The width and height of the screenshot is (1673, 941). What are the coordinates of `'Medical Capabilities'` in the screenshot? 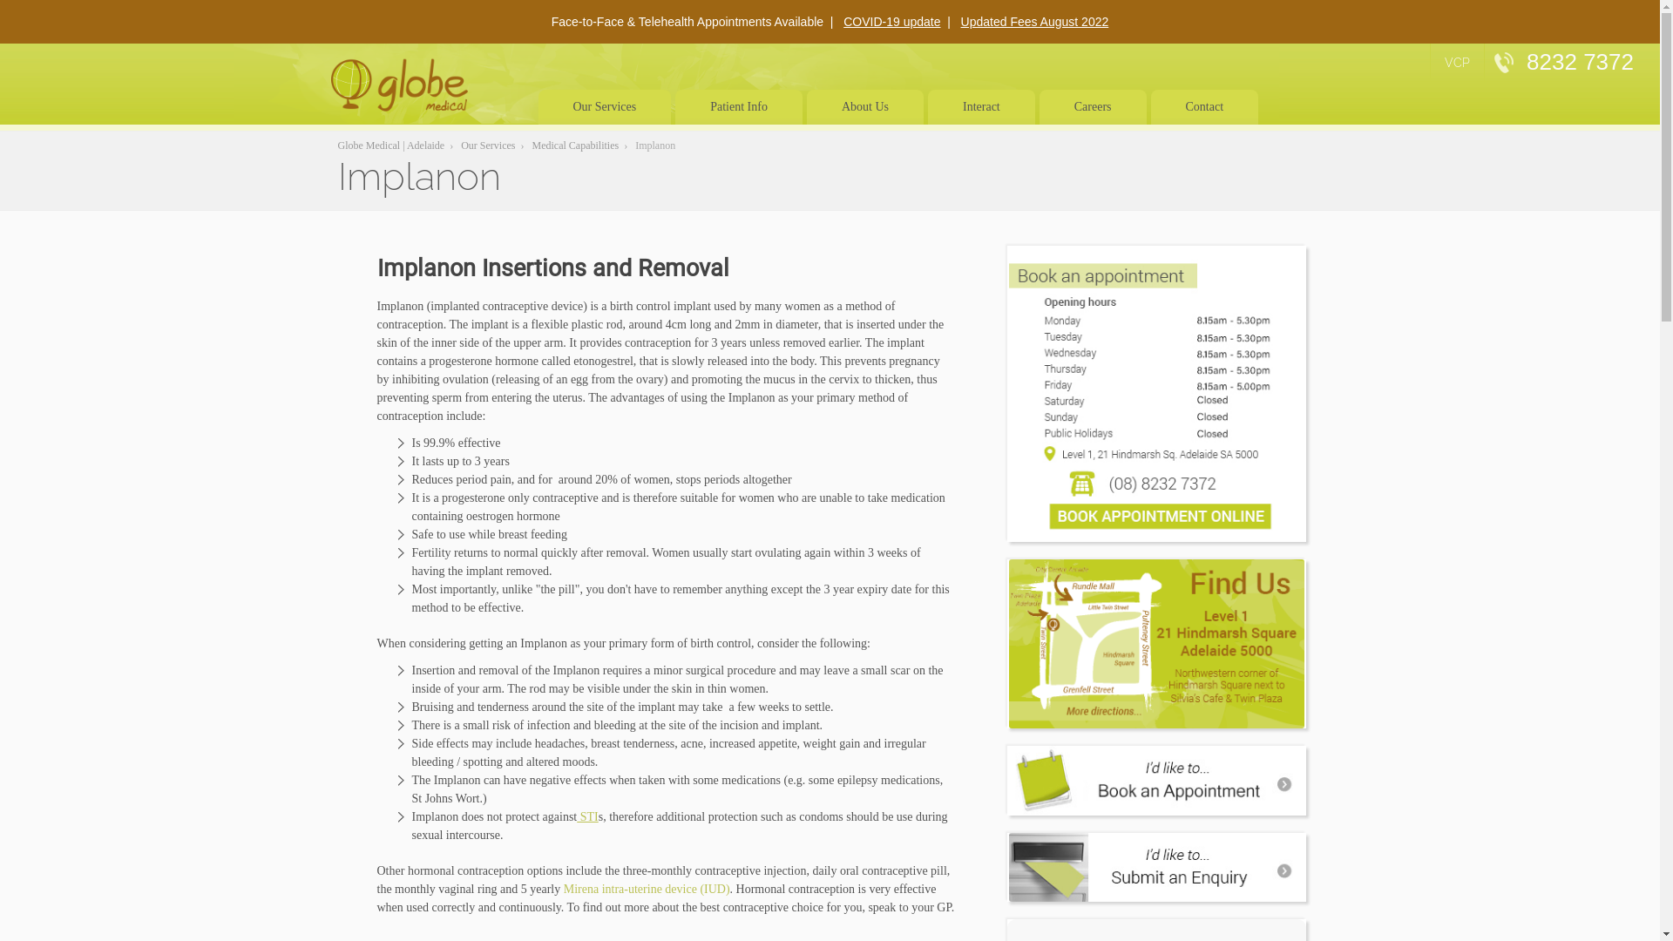 It's located at (576, 144).